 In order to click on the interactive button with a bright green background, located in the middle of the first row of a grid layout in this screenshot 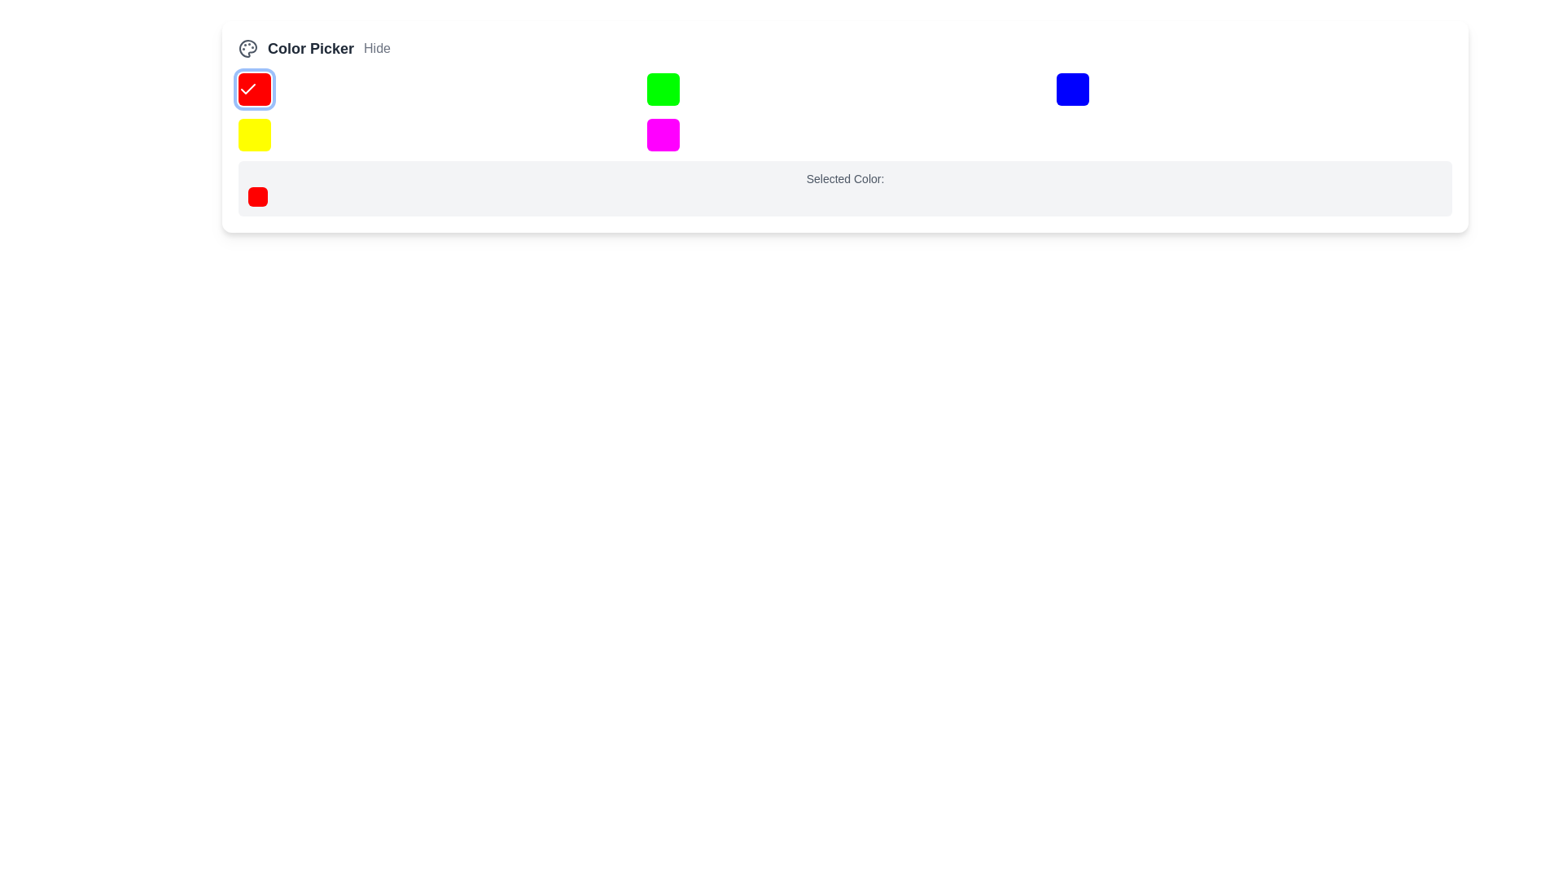, I will do `click(663, 90)`.